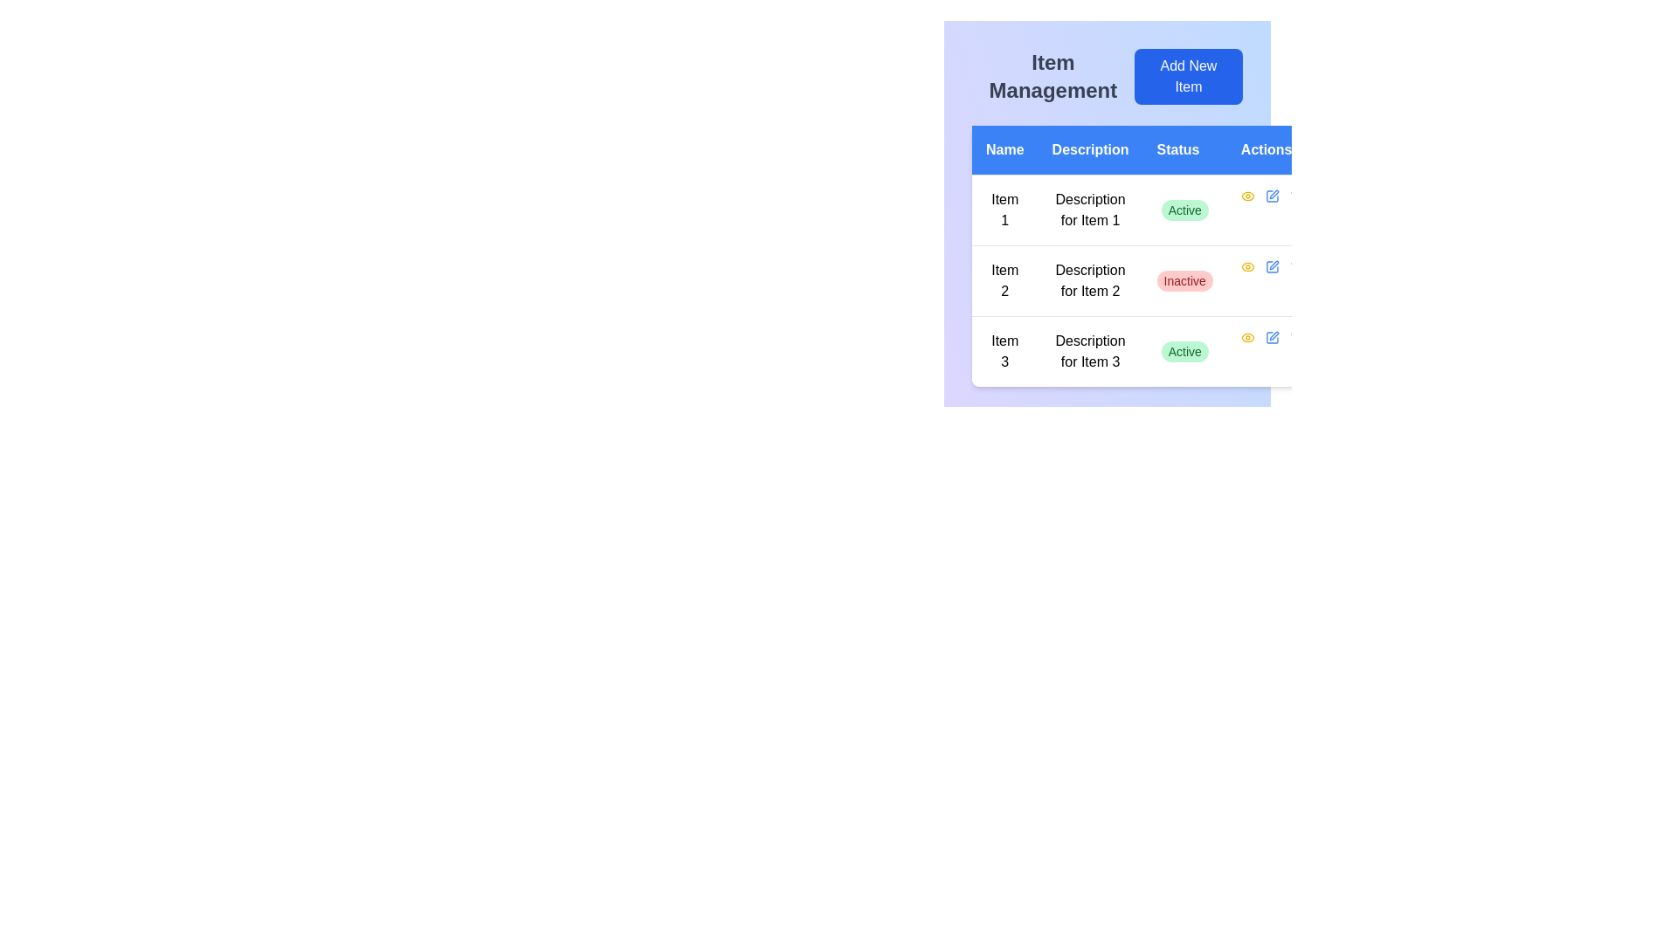 Image resolution: width=1677 pixels, height=943 pixels. Describe the element at coordinates (1272, 149) in the screenshot. I see `the 'Actions' header text label located in the fourth column of the table header, positioned in the top-right section of the interface` at that location.